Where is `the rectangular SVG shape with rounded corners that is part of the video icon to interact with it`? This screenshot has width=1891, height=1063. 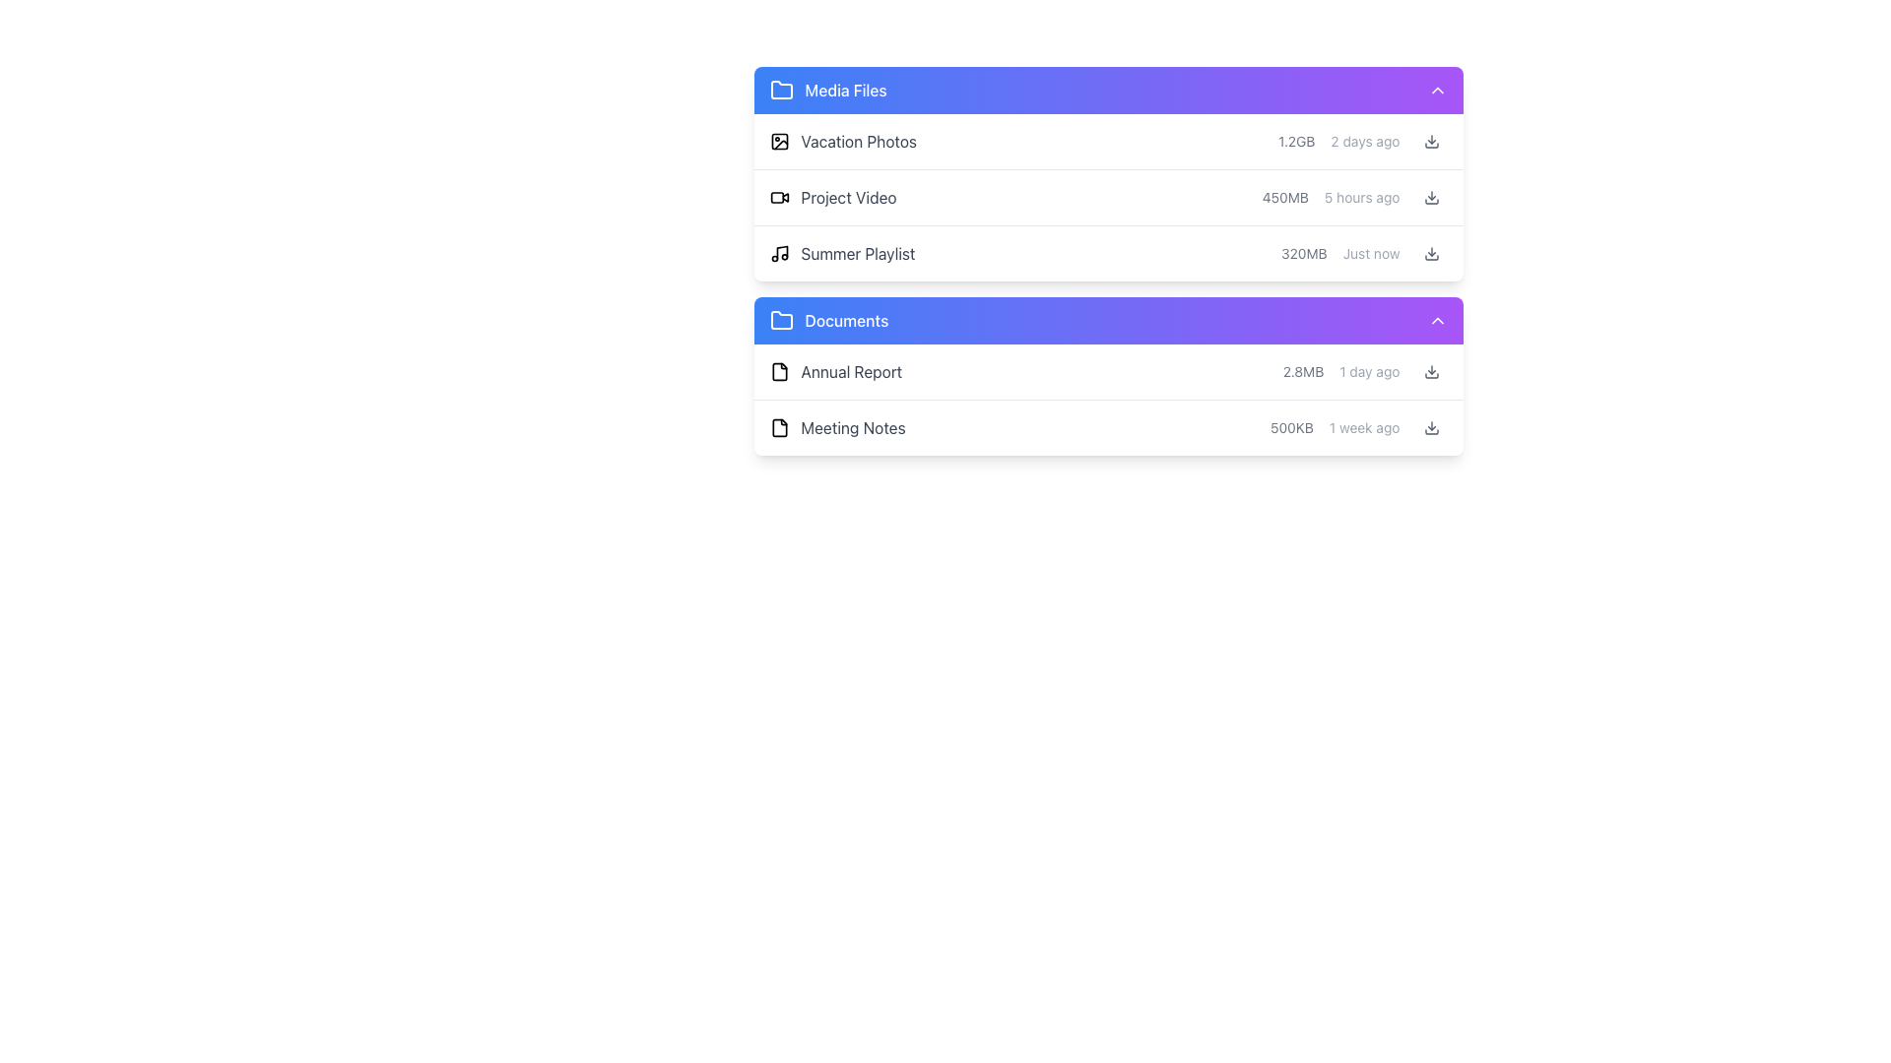
the rectangular SVG shape with rounded corners that is part of the video icon to interact with it is located at coordinates (775, 197).